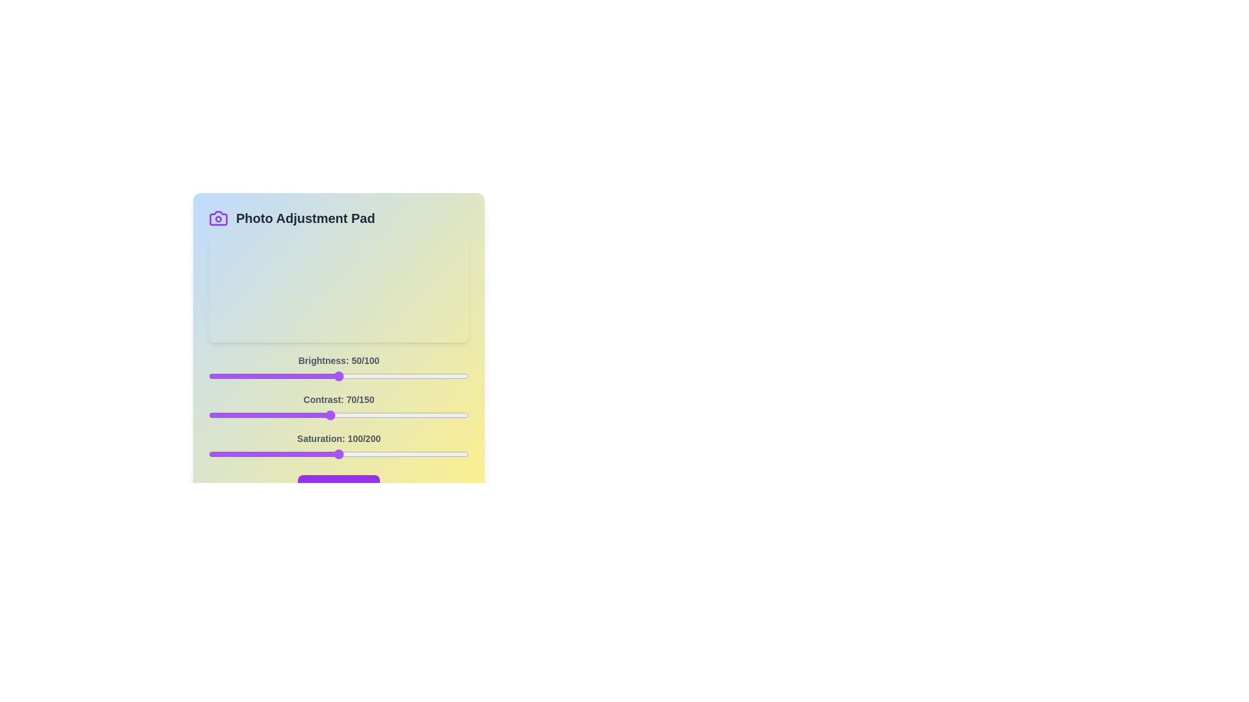  Describe the element at coordinates (267, 376) in the screenshot. I see `the 0 slider to 23` at that location.